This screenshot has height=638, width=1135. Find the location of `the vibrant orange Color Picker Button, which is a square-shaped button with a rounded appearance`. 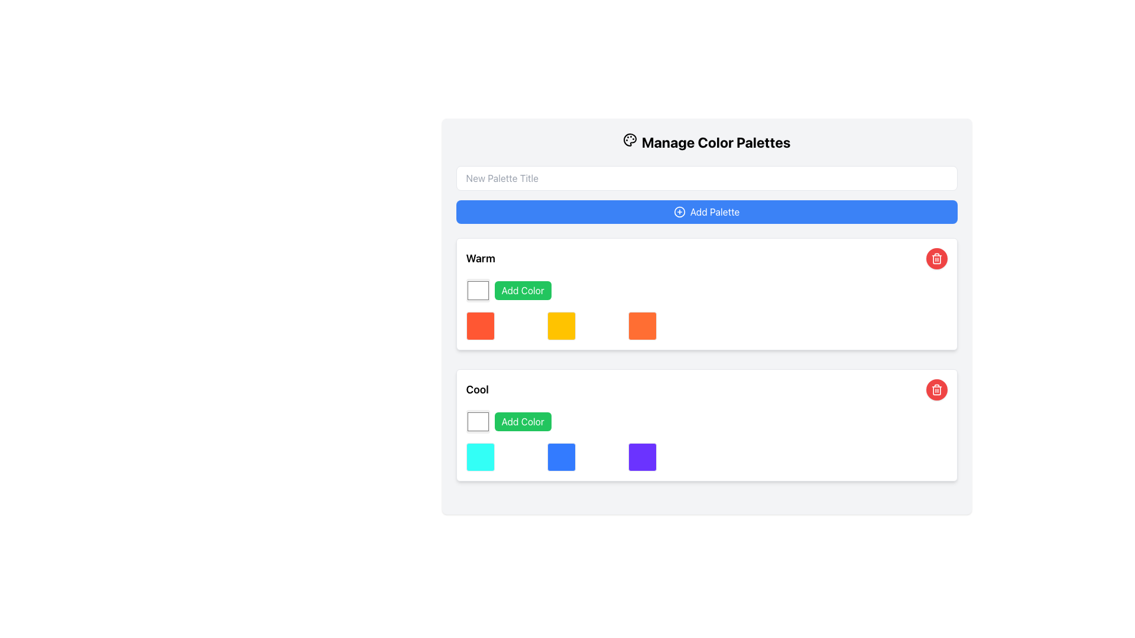

the vibrant orange Color Picker Button, which is a square-shaped button with a rounded appearance is located at coordinates (641, 325).